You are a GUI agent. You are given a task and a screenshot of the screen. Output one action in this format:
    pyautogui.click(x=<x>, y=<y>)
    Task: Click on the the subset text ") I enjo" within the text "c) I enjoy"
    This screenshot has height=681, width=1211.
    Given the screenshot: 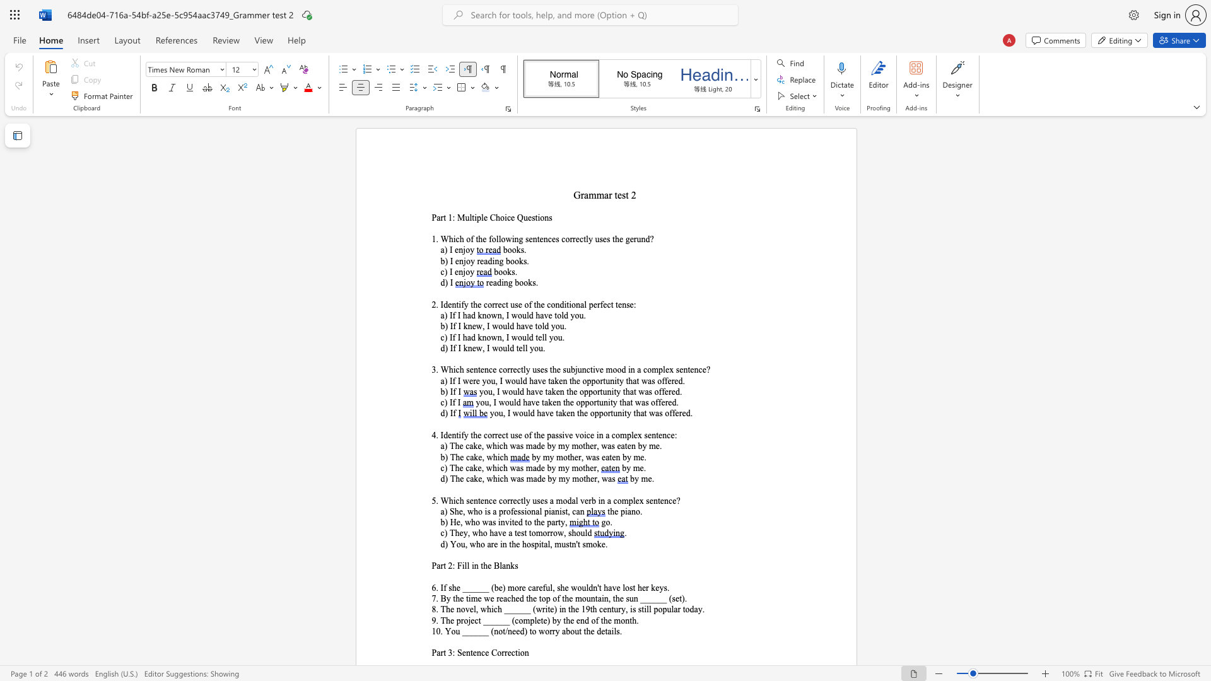 What is the action you would take?
    pyautogui.click(x=444, y=271)
    